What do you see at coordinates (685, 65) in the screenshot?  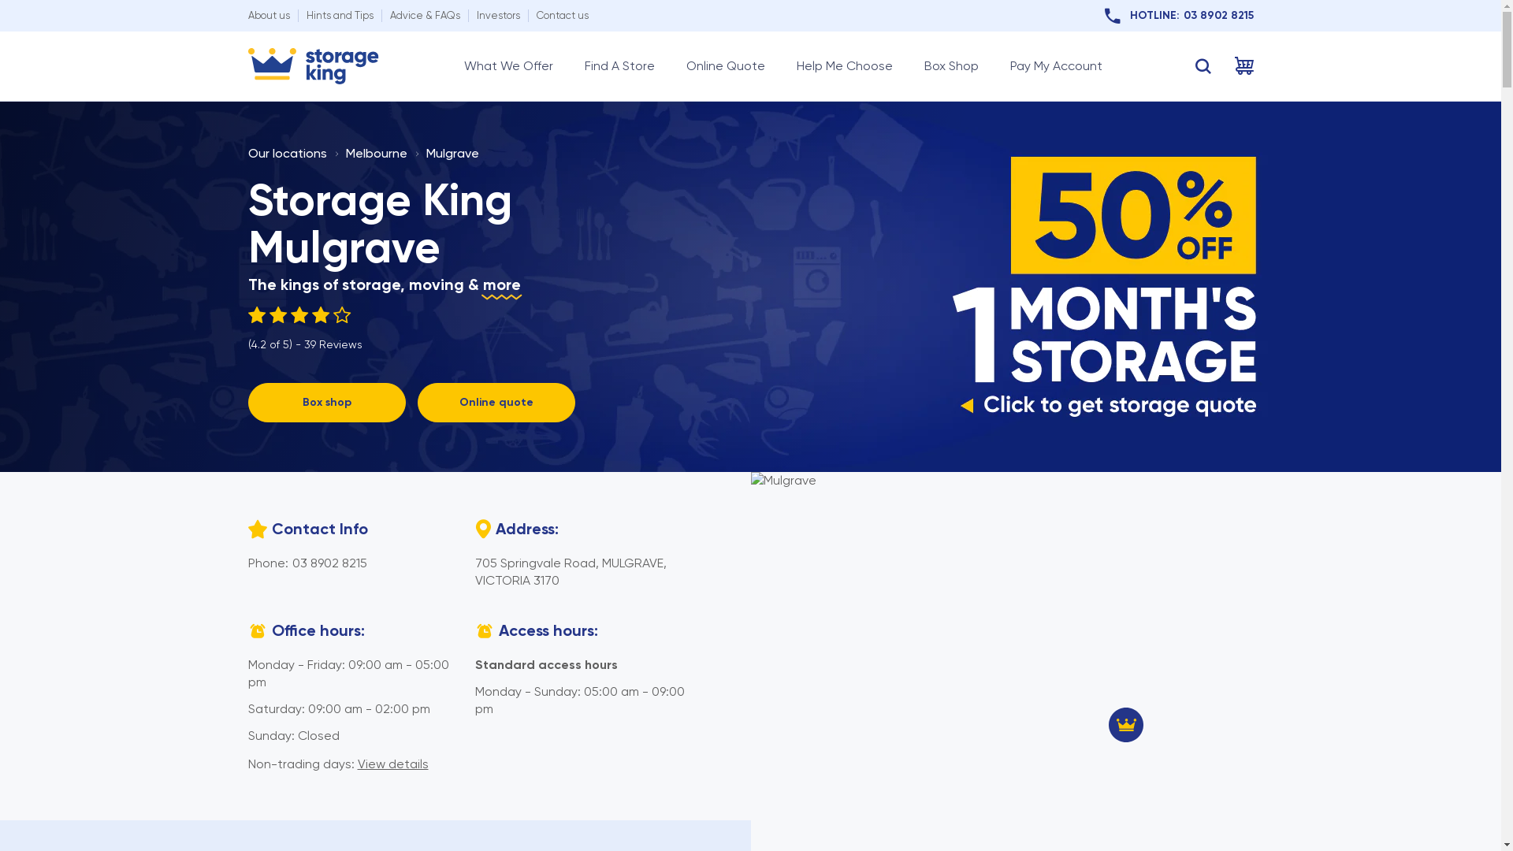 I see `'Online Quote'` at bounding box center [685, 65].